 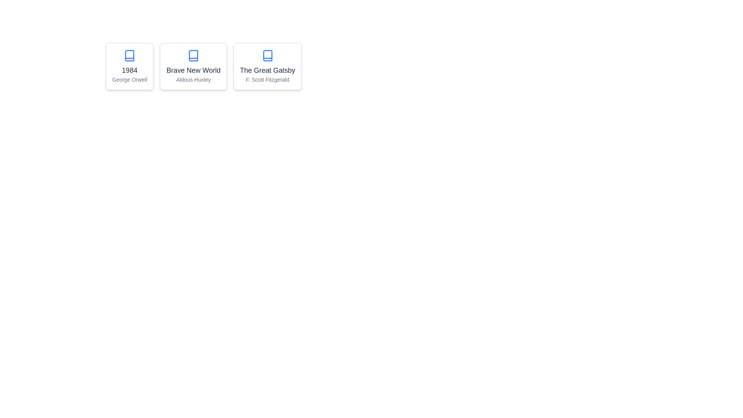 What do you see at coordinates (267, 79) in the screenshot?
I see `the label indicating the author of the book 'The Great Gatsby', which is positioned below the title within a card-like structure` at bounding box center [267, 79].